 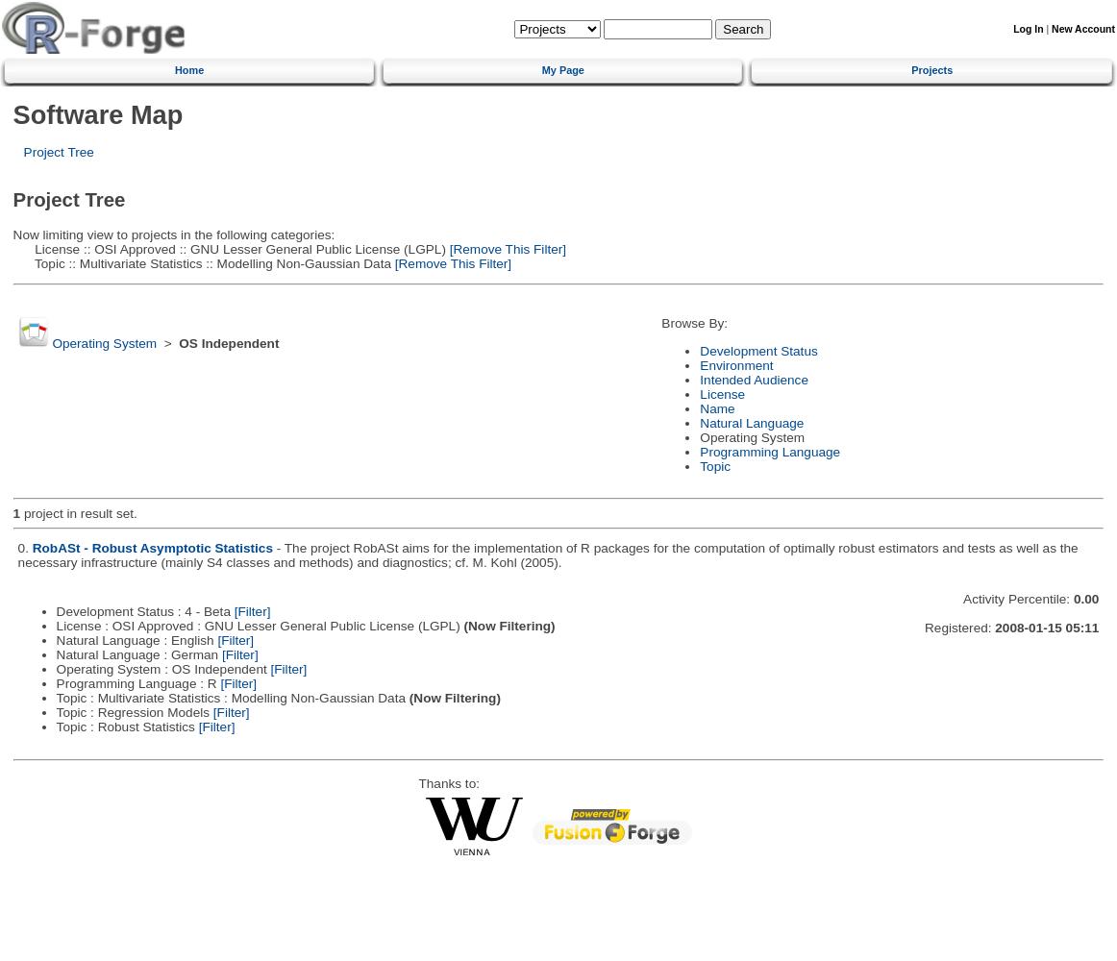 I want to click on 'Development Status', so click(x=757, y=349).